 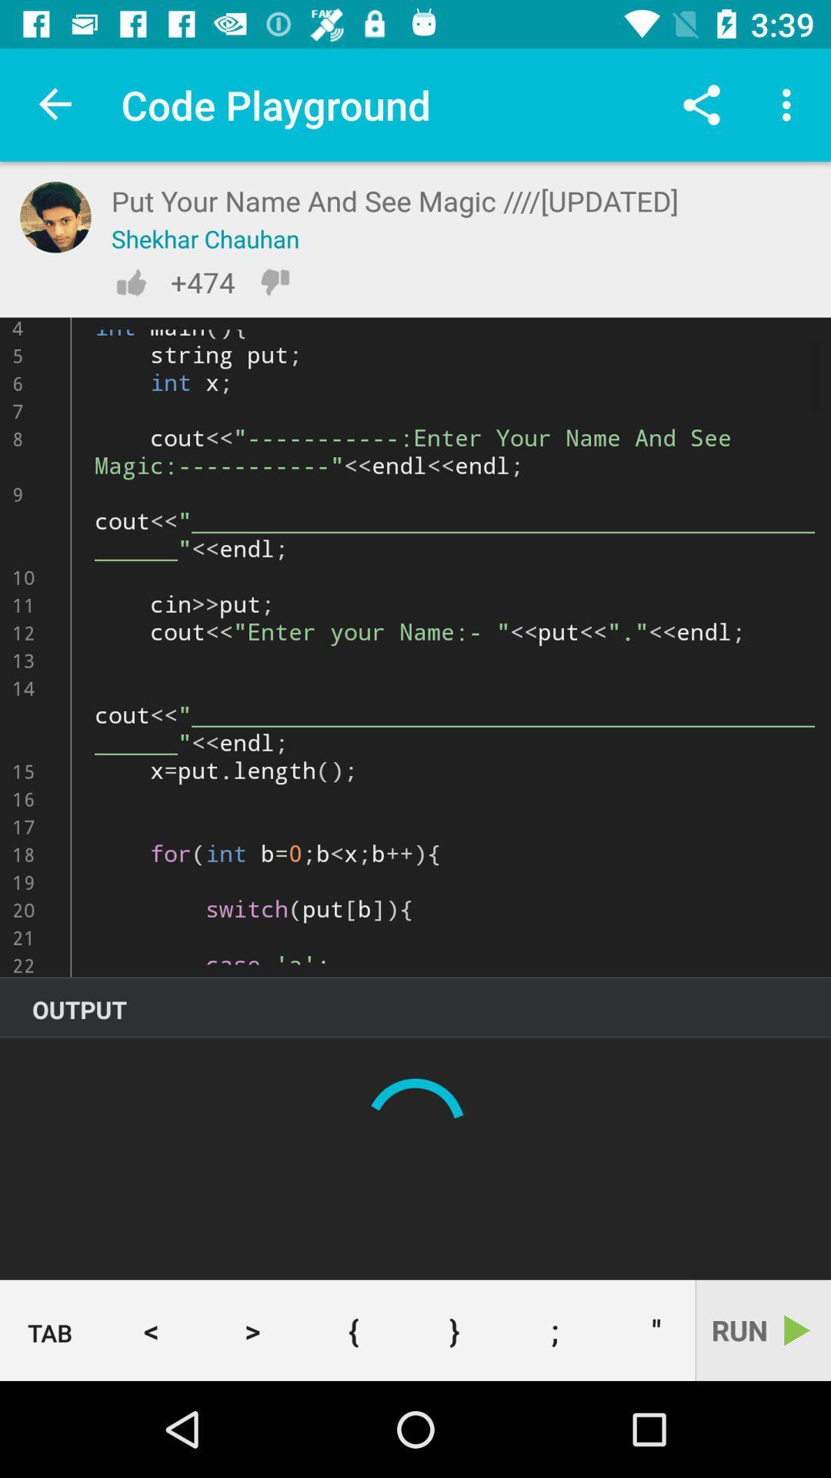 I want to click on dislike button, so click(x=274, y=282).